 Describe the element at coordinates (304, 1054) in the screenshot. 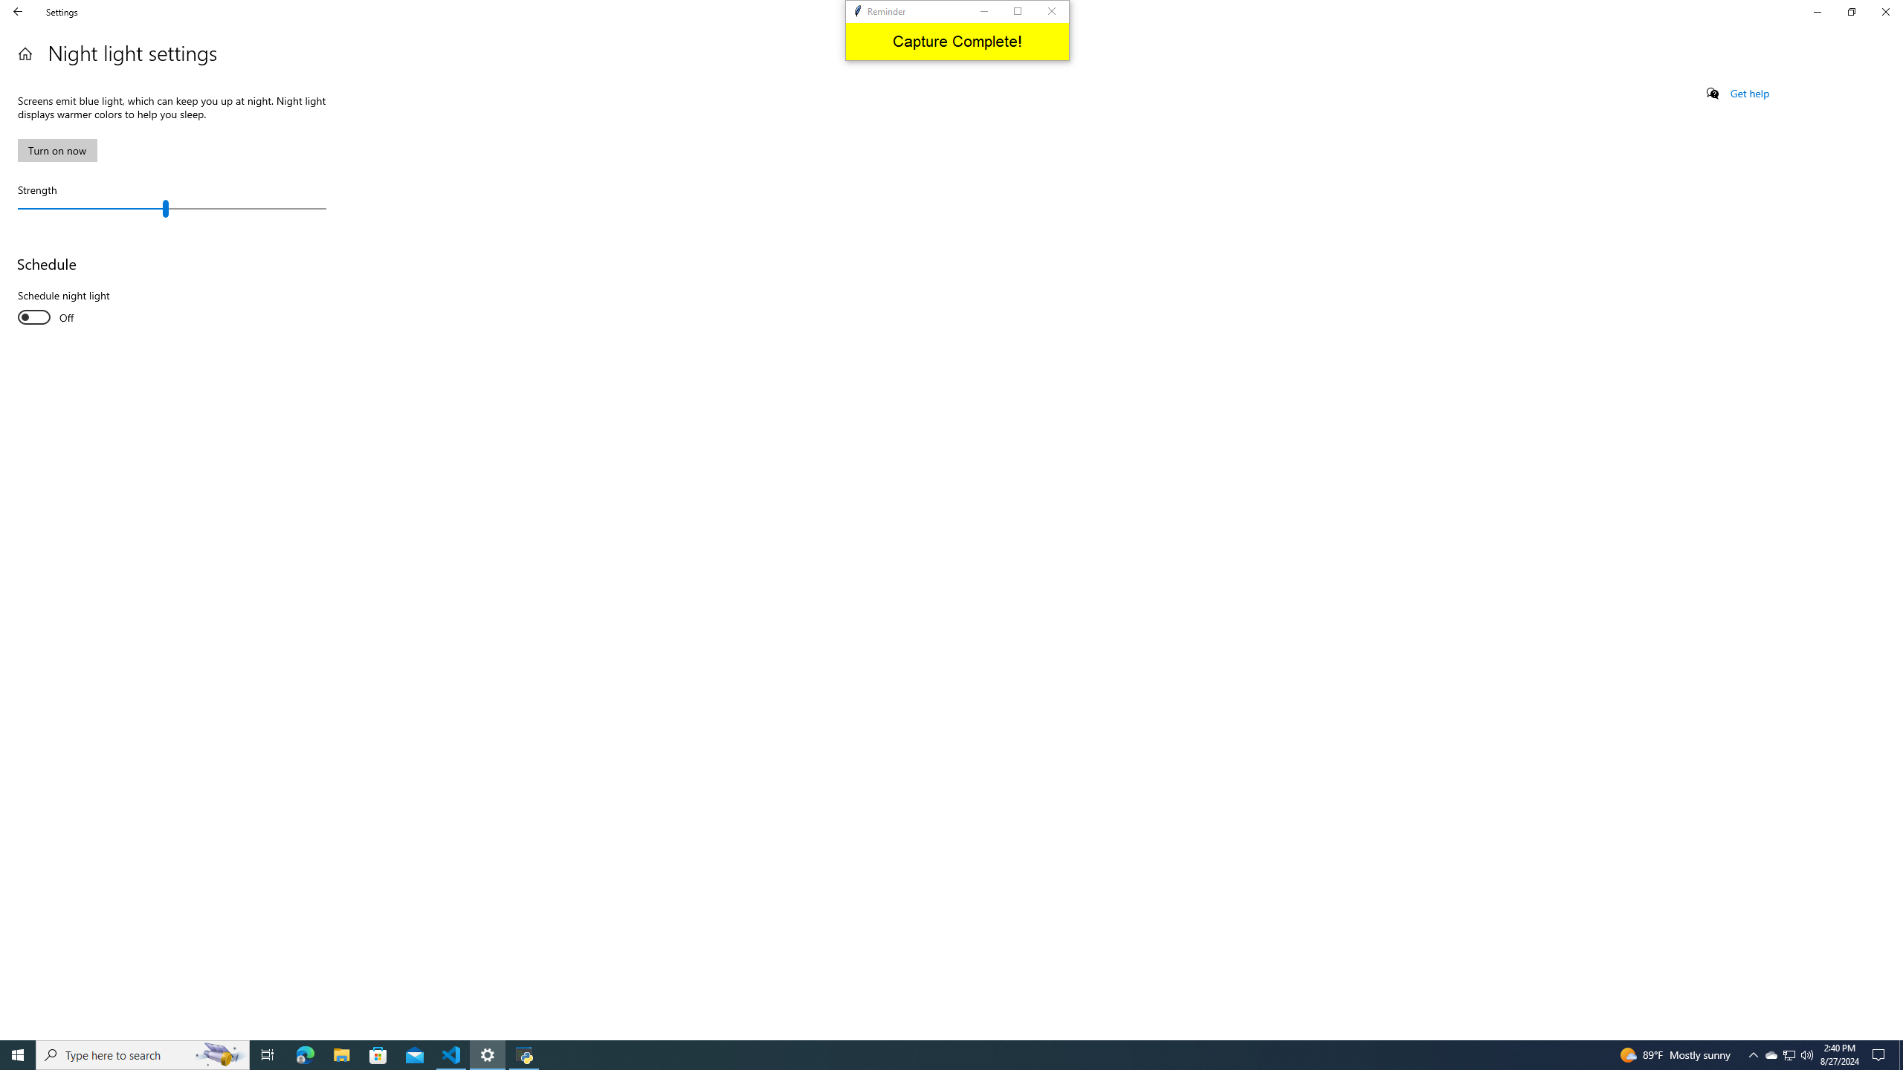

I see `'Microsoft Edge'` at that location.